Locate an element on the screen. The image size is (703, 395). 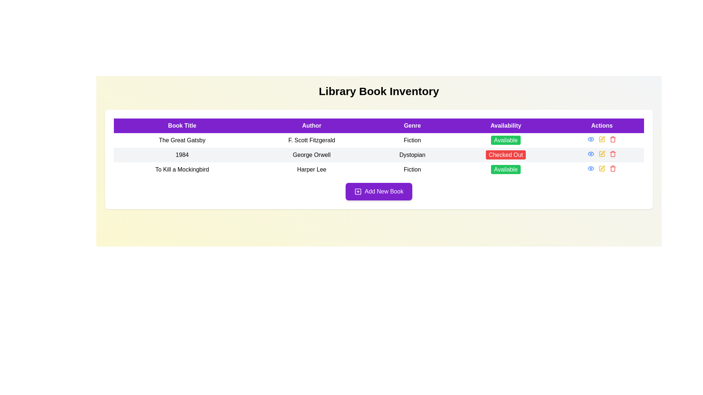
the header label for the column that lists the titles of books, which is located at the leftmost position of the horizontal row of headers, directly preceding the 'Author' header is located at coordinates (182, 125).